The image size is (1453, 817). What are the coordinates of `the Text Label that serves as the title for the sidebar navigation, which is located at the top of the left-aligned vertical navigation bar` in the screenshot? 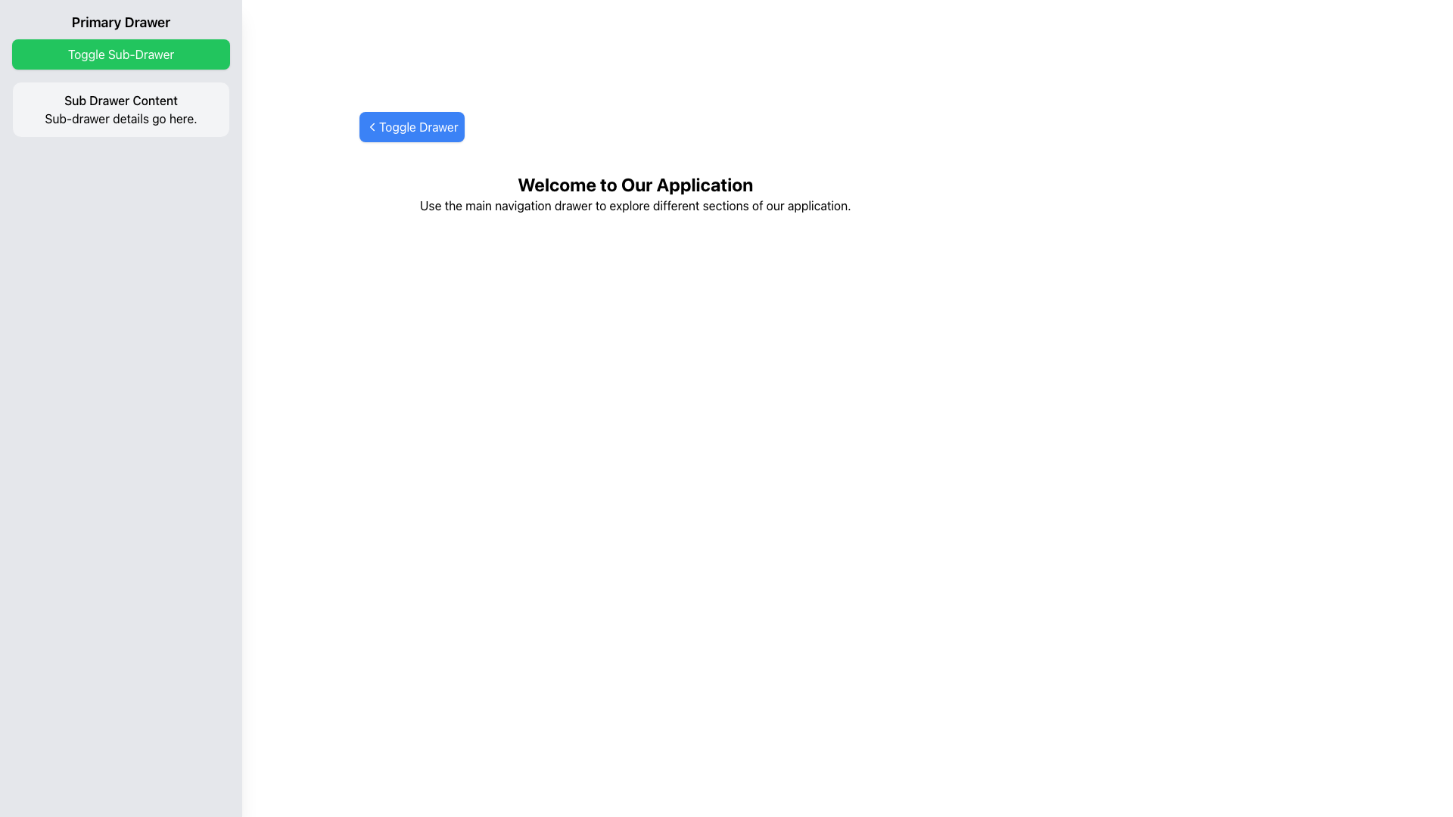 It's located at (120, 23).